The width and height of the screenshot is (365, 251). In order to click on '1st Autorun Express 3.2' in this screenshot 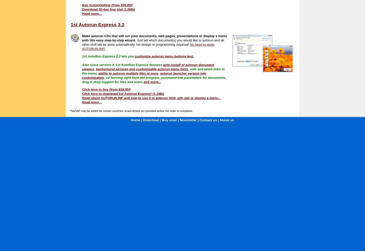, I will do `click(71, 24)`.